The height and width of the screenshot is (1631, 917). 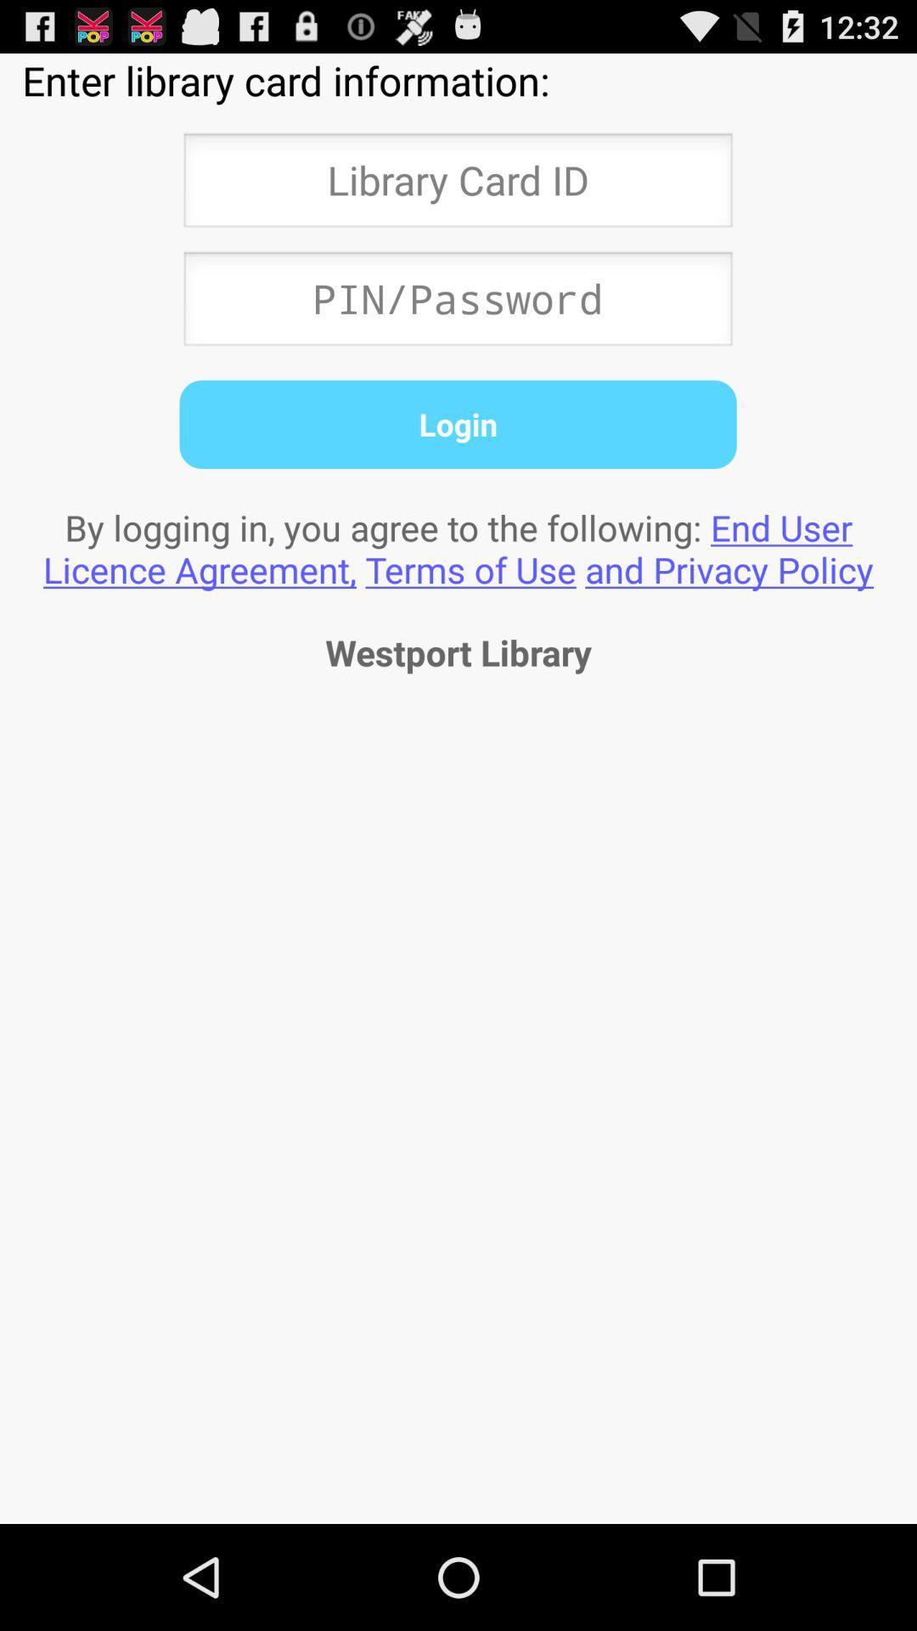 I want to click on by logging in app, so click(x=458, y=548).